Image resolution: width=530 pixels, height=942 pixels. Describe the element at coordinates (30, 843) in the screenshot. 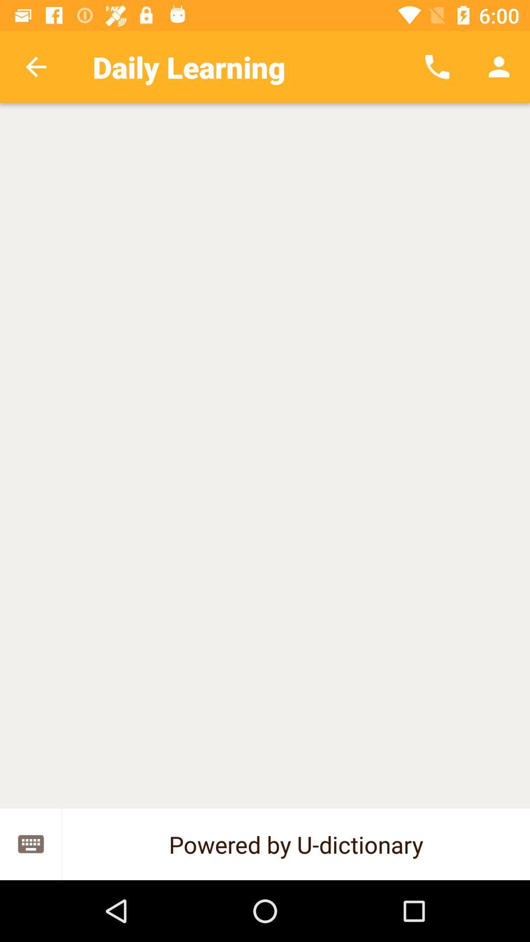

I see `keyboard` at that location.